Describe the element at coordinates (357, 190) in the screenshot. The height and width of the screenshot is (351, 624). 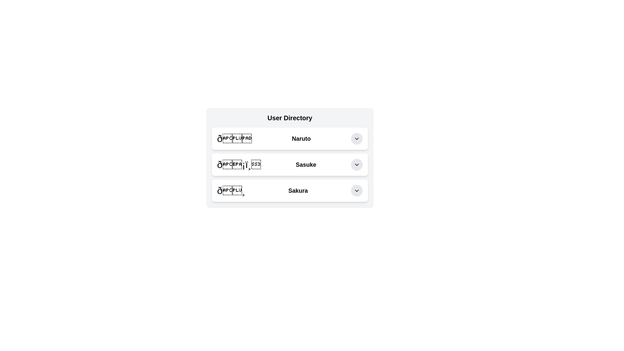
I see `the toggle or dropdown button icon located to the right of the 'Sakura' label in the third row of the User Directory section` at that location.